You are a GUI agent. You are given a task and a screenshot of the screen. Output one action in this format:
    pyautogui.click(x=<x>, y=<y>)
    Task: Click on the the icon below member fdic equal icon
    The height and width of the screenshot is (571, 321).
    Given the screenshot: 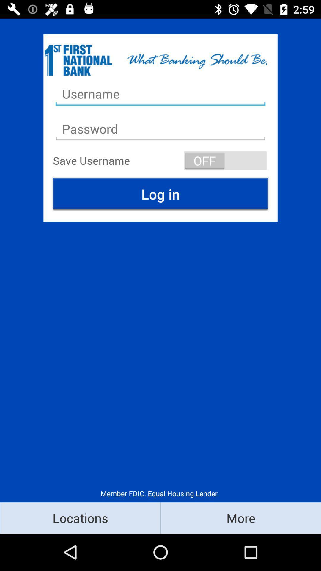 What is the action you would take?
    pyautogui.click(x=80, y=517)
    